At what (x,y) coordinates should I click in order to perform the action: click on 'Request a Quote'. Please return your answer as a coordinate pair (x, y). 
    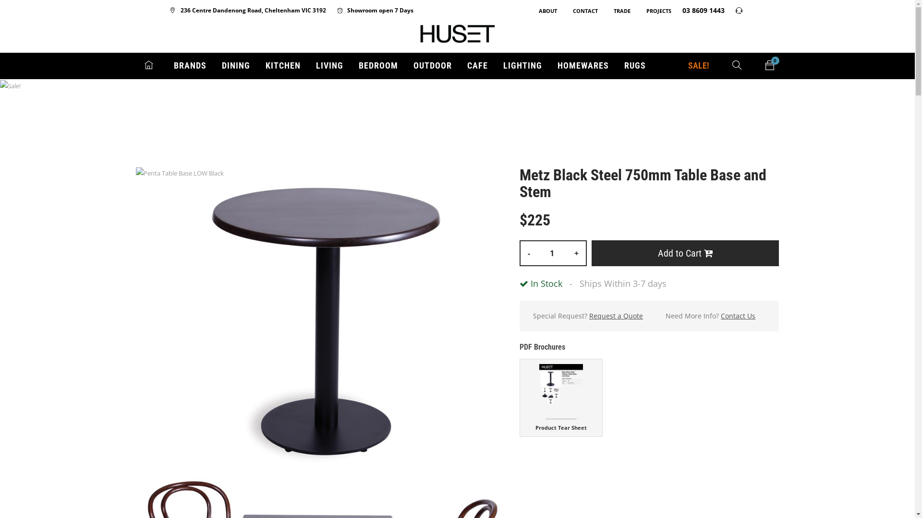
    Looking at the image, I should click on (589, 316).